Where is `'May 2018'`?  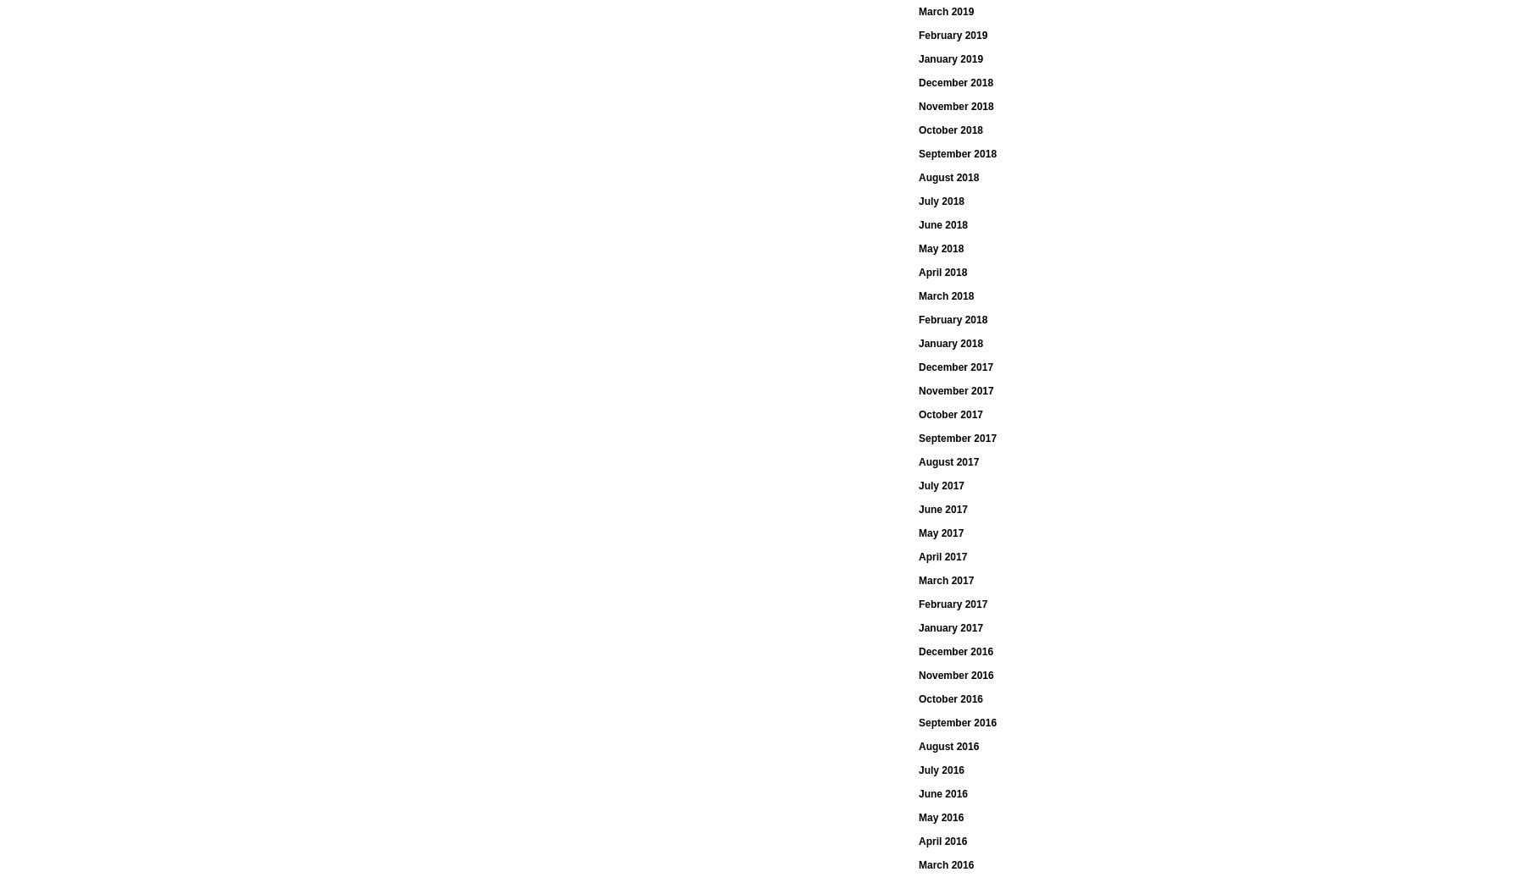
'May 2018' is located at coordinates (941, 249).